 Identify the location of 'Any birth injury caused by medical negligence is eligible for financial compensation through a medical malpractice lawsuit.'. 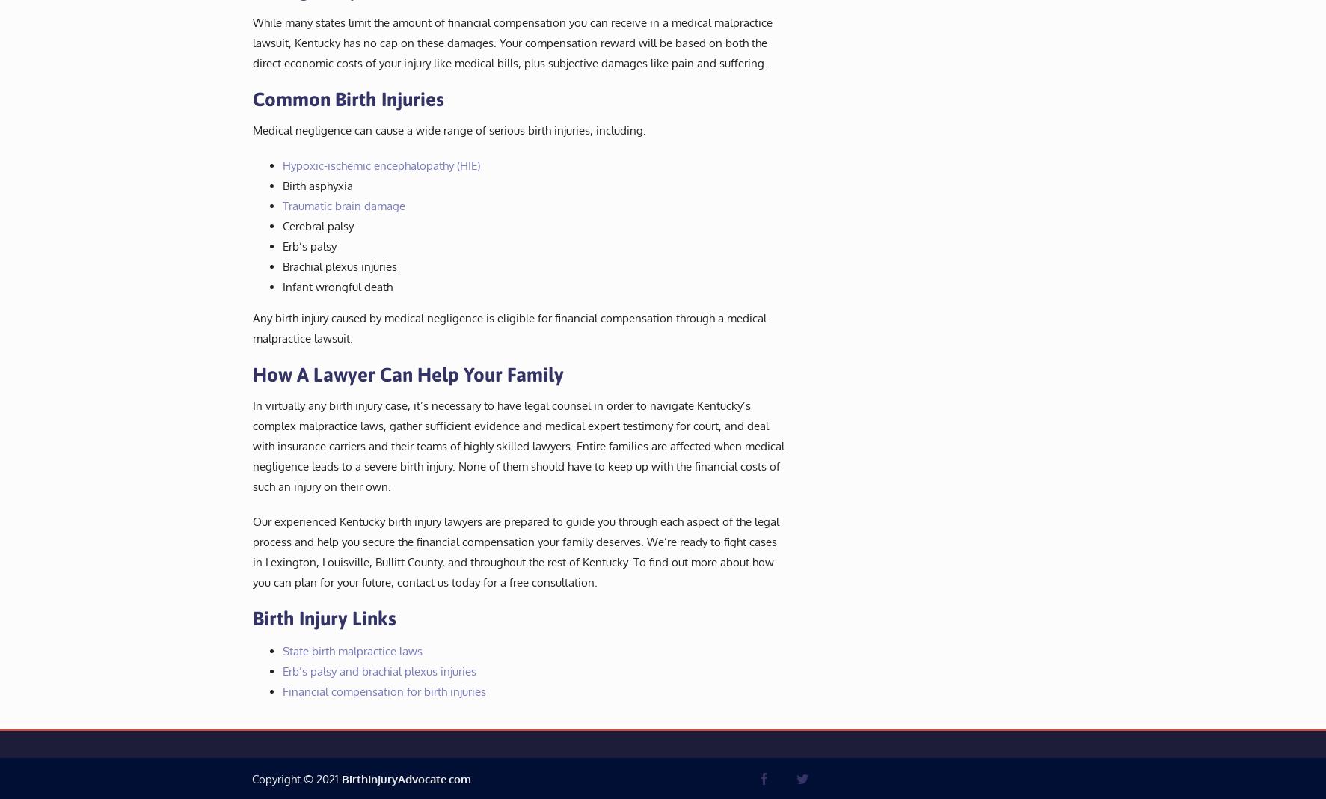
(252, 327).